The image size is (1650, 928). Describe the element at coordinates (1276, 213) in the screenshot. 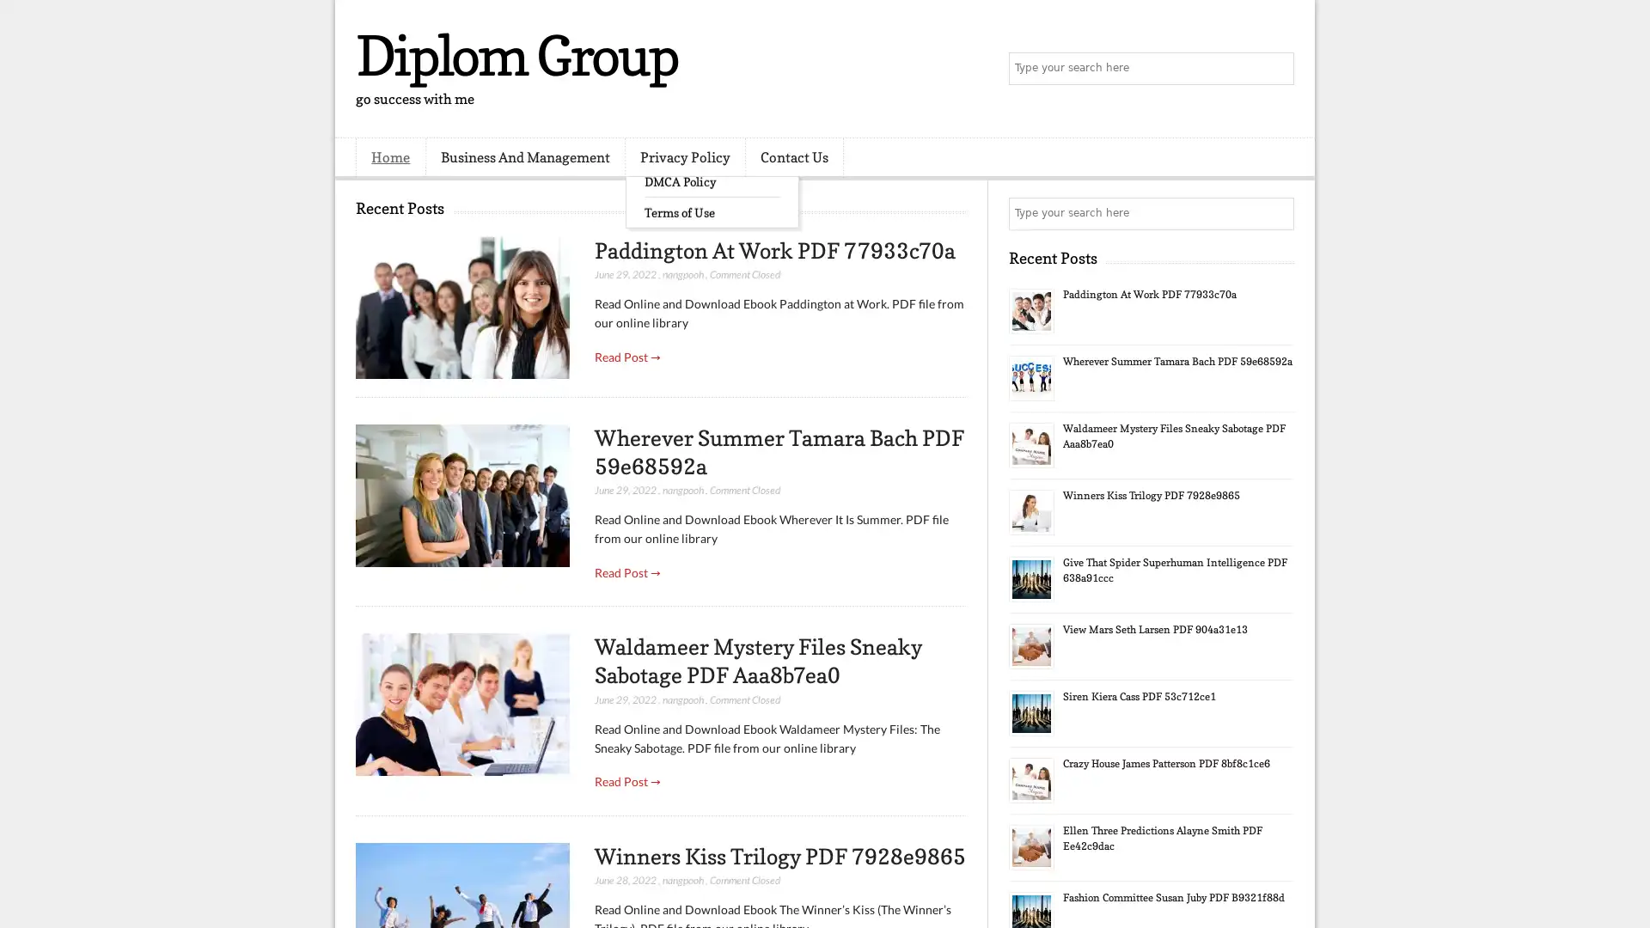

I see `Search` at that location.